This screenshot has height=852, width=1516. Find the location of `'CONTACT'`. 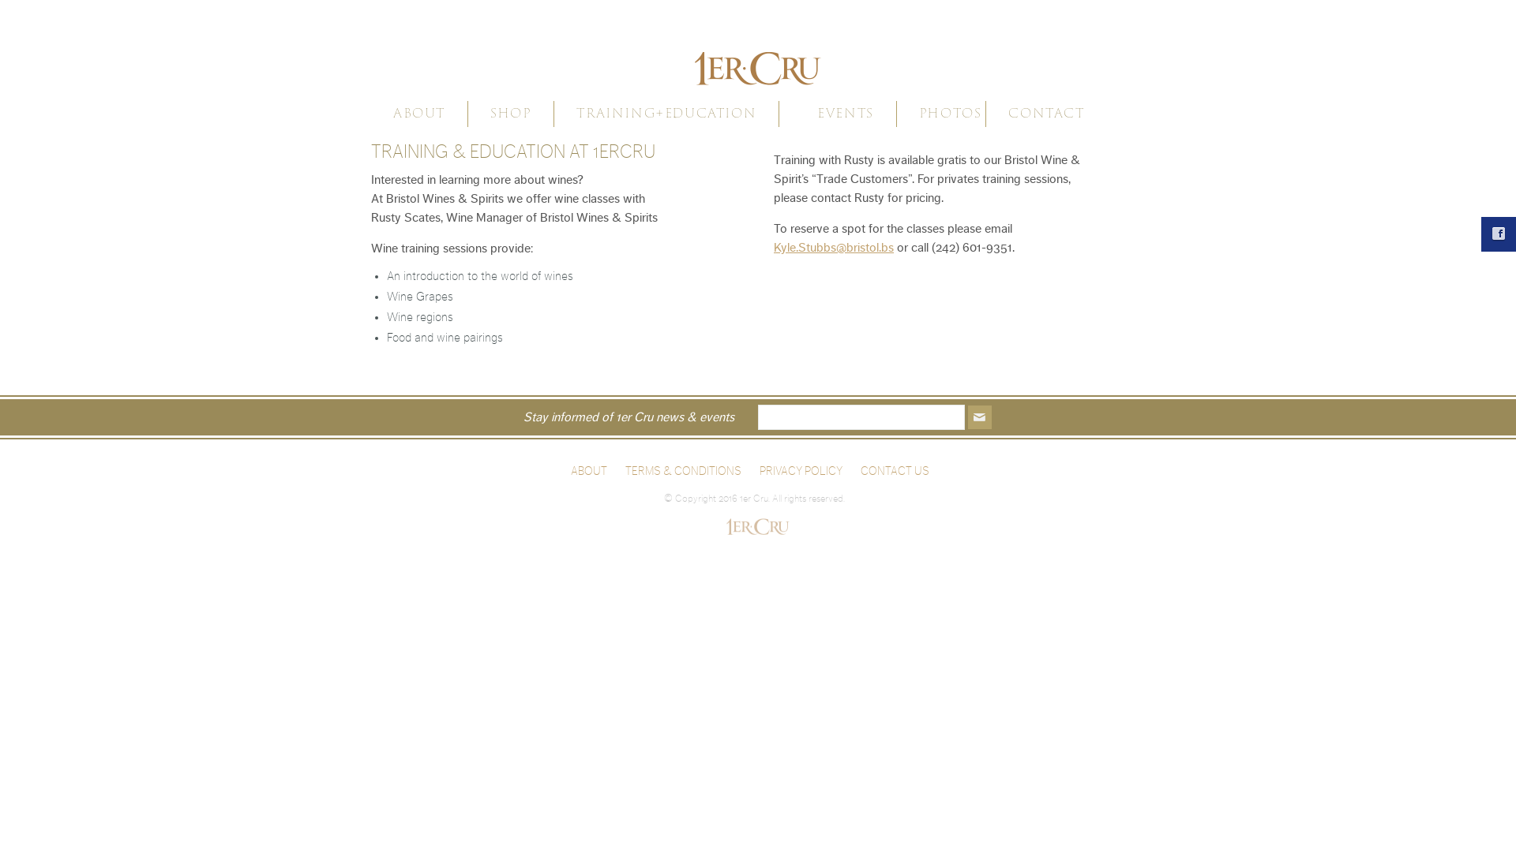

'CONTACT' is located at coordinates (1004, 112).